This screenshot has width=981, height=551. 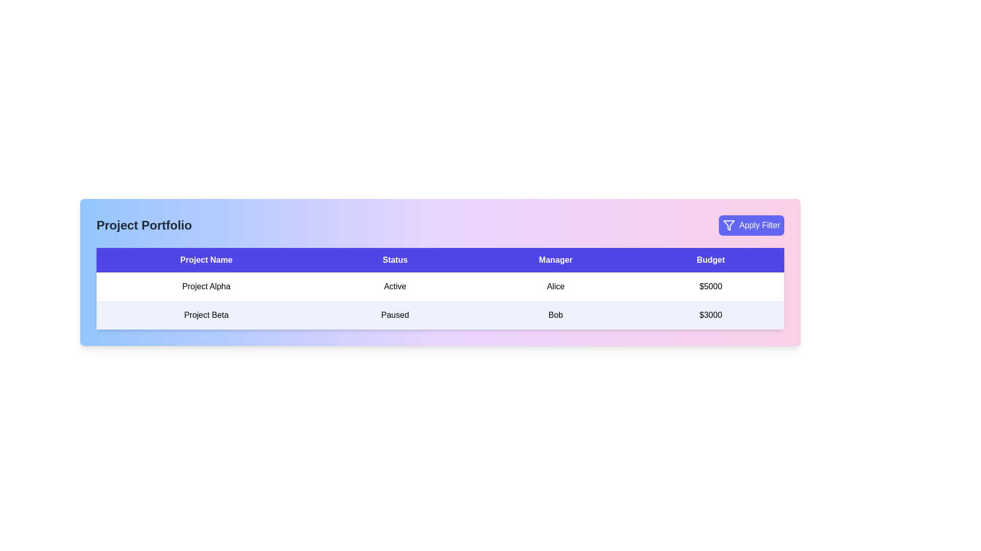 I want to click on the text label displaying 'Project Beta' in black font, located in the leftmost position of the second data row under the 'Project Name' column, so click(x=205, y=314).